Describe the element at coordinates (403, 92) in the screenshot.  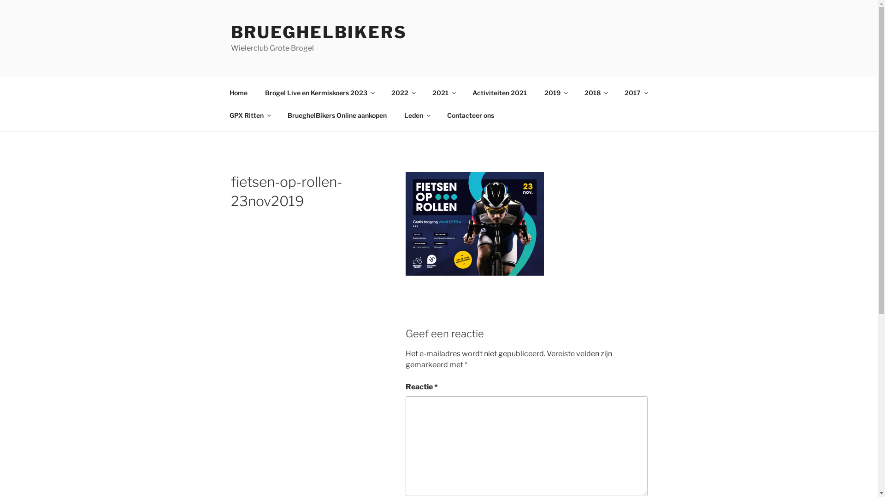
I see `'2022'` at that location.